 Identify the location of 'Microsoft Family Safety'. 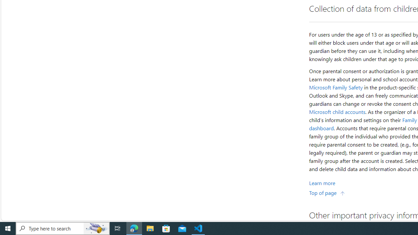
(336, 87).